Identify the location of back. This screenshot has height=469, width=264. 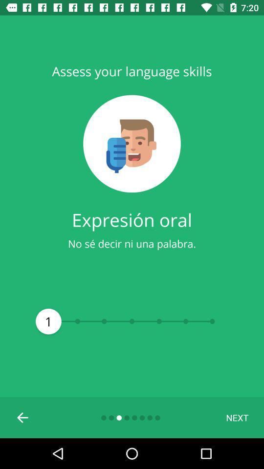
(23, 417).